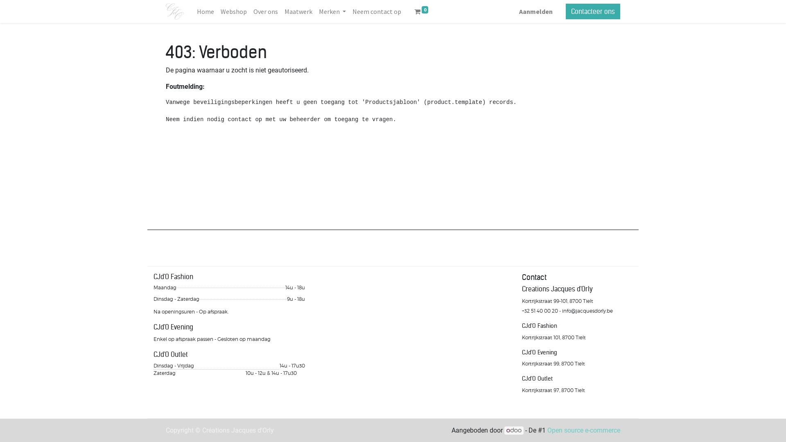 The height and width of the screenshot is (442, 786). I want to click on 'Over ons', so click(265, 11).